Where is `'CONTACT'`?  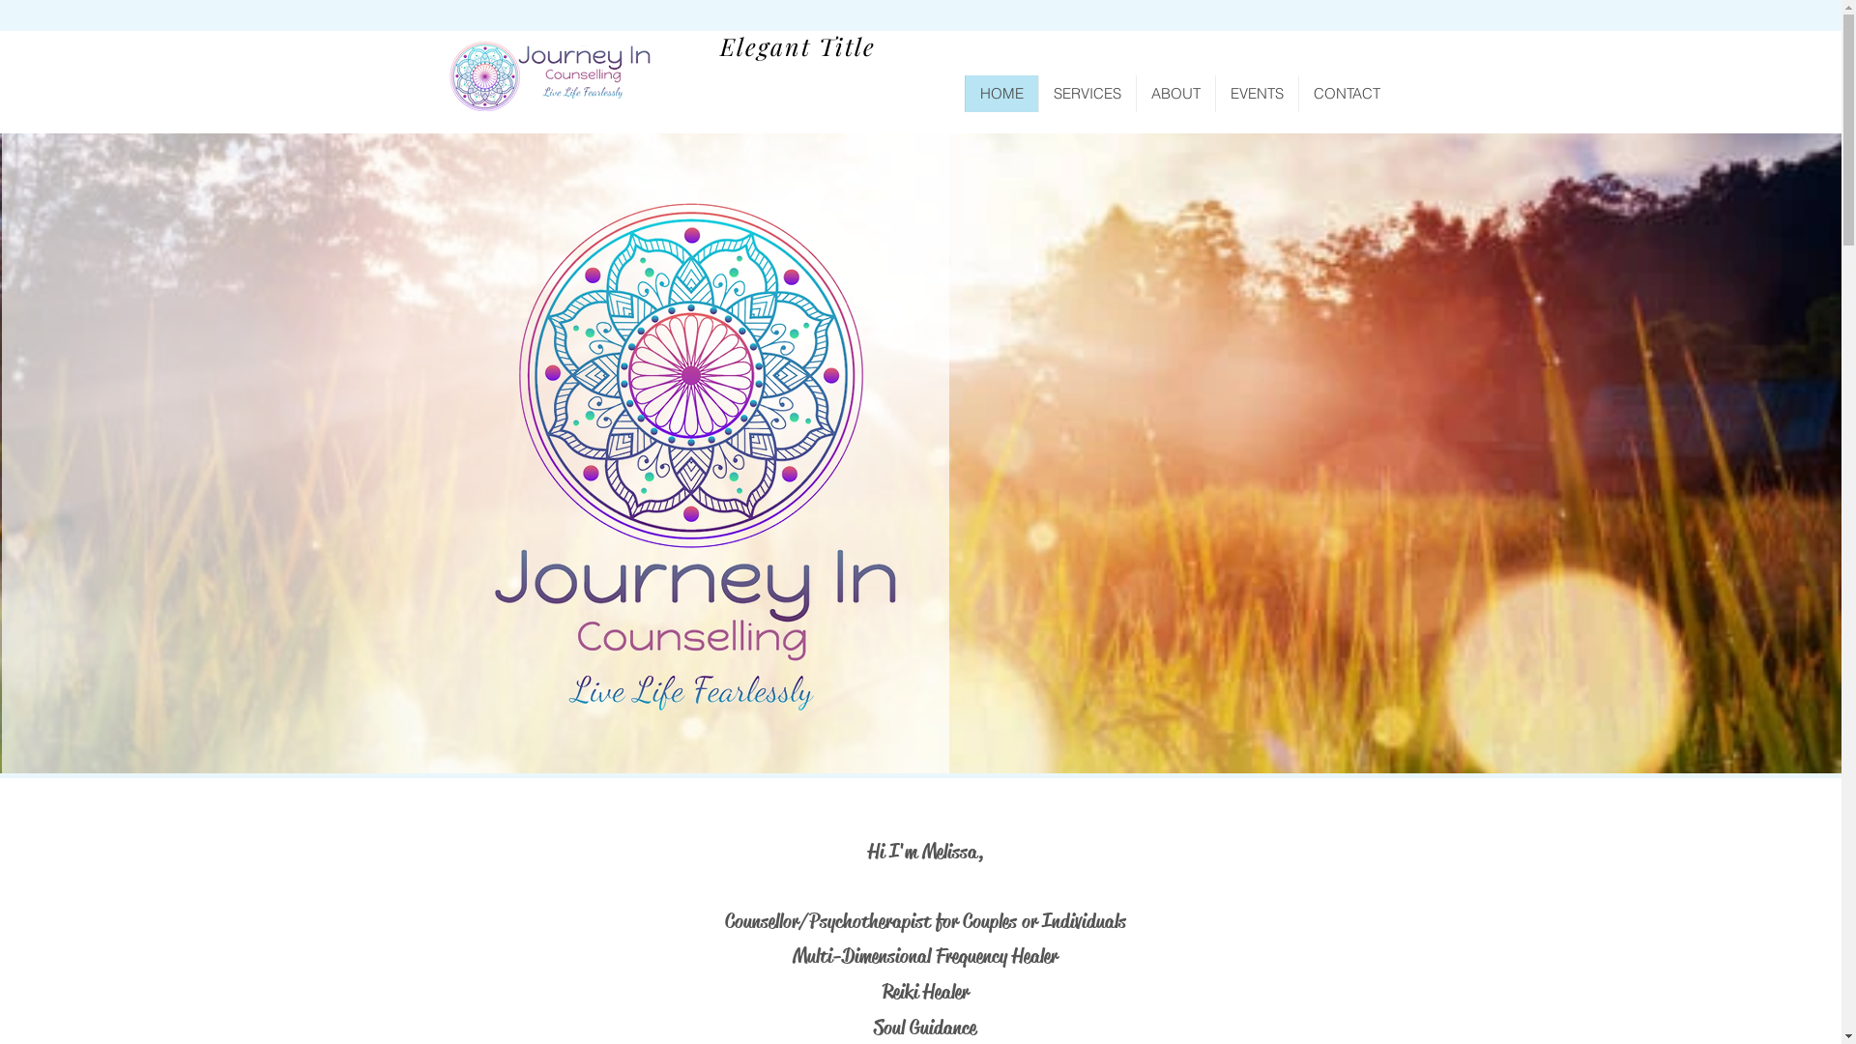 'CONTACT' is located at coordinates (1345, 93).